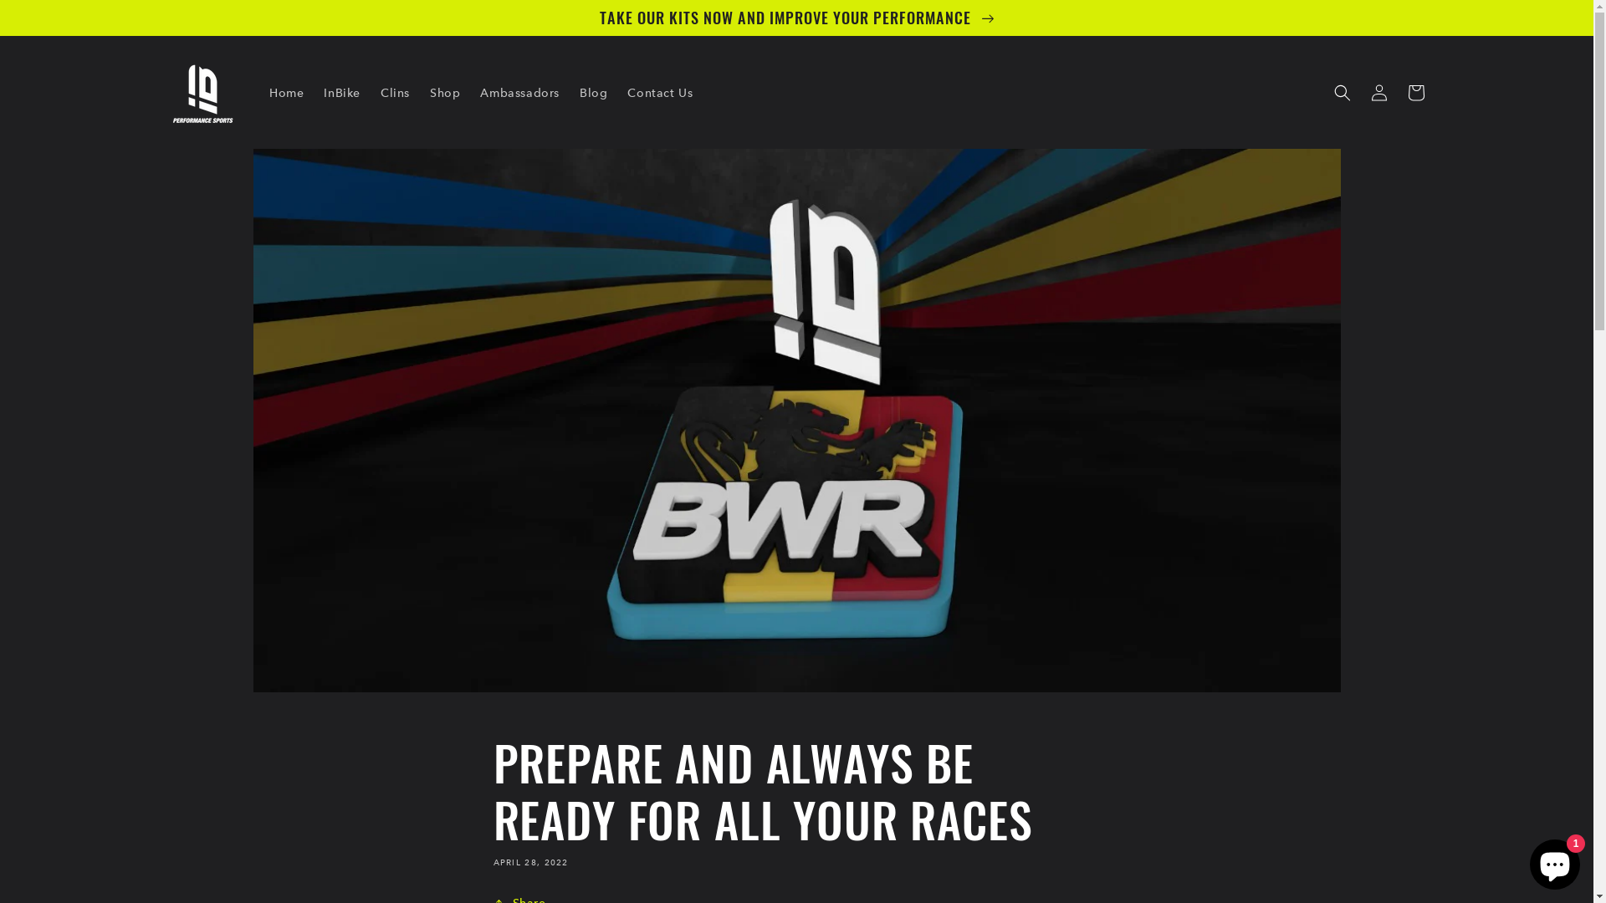 This screenshot has height=903, width=1606. What do you see at coordinates (1397, 93) in the screenshot?
I see `'Cart'` at bounding box center [1397, 93].